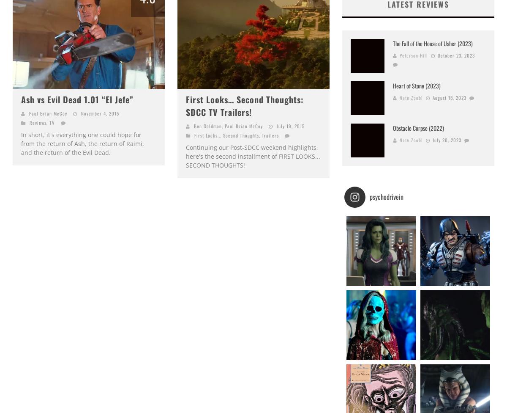  I want to click on 'Ash vs Evil Dead 1.01 “El Jefe”', so click(77, 99).